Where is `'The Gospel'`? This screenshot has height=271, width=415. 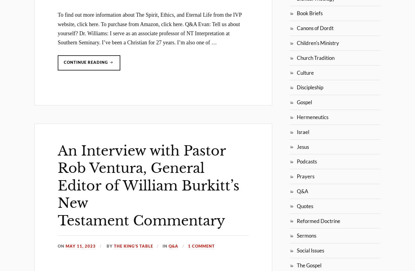
'The Gospel' is located at coordinates (297, 265).